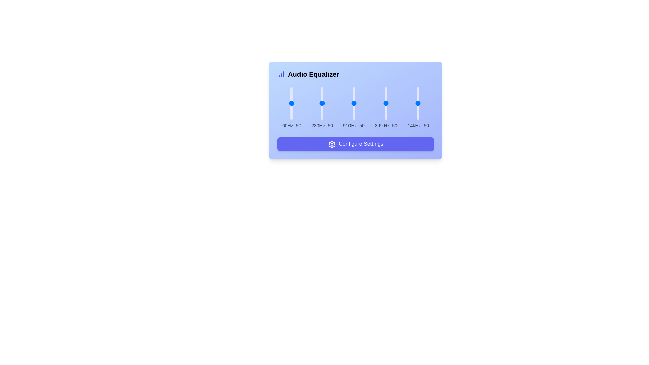 This screenshot has height=365, width=649. Describe the element at coordinates (386, 117) in the screenshot. I see `the 3.6kHz audio equalizer slider` at that location.